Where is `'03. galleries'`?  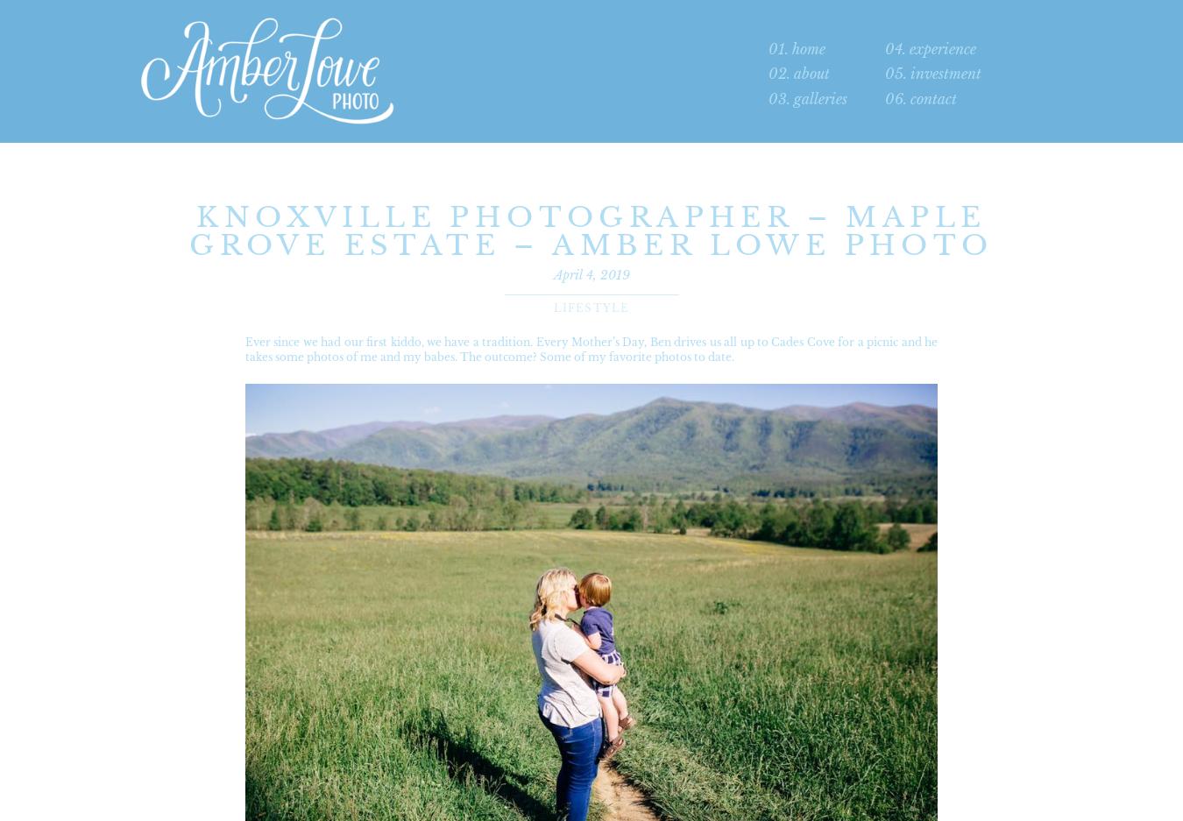 '03. galleries' is located at coordinates (807, 99).